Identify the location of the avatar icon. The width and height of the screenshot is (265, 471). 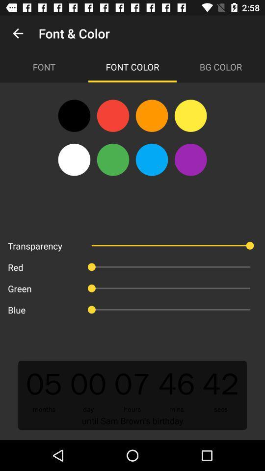
(112, 159).